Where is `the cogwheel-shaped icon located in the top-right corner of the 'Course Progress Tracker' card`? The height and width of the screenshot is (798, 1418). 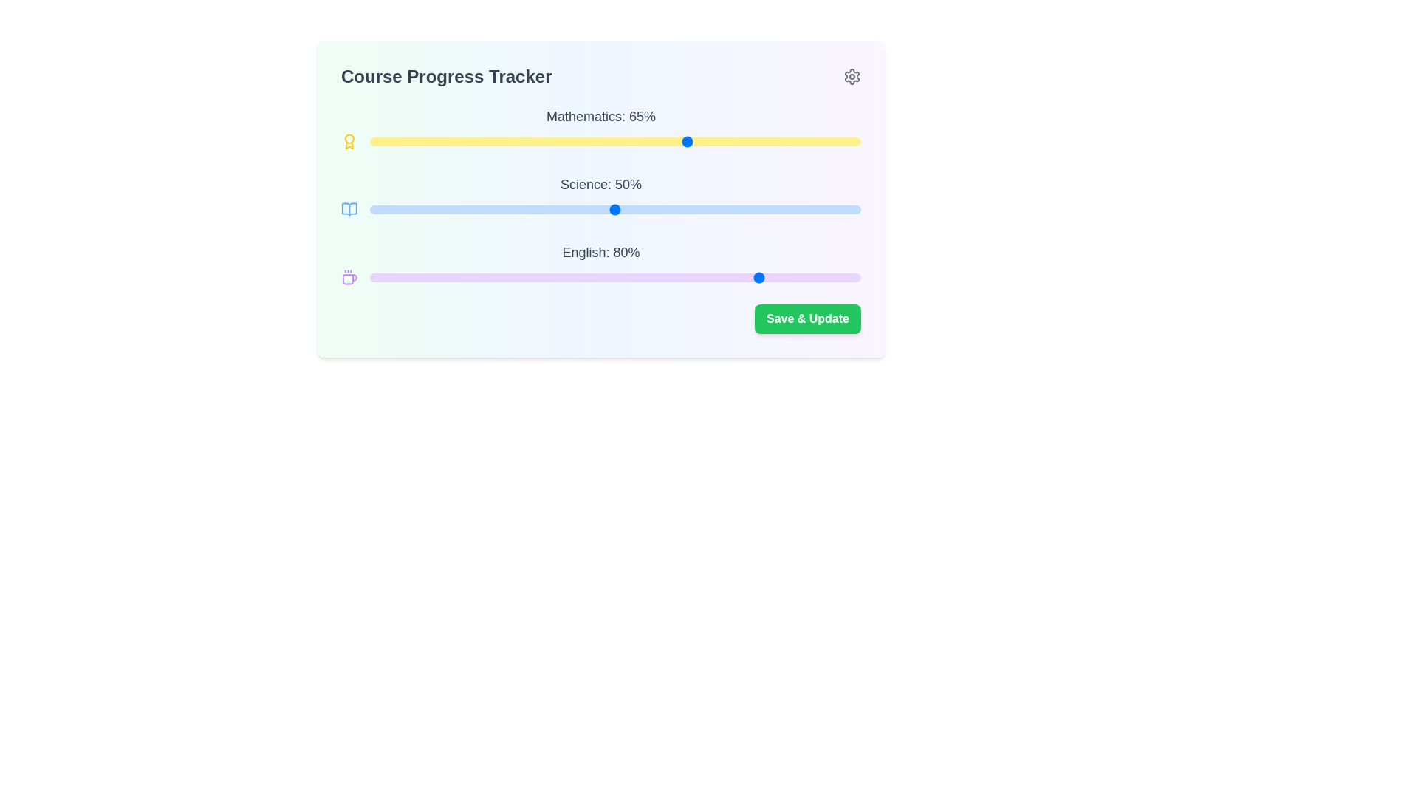
the cogwheel-shaped icon located in the top-right corner of the 'Course Progress Tracker' card is located at coordinates (852, 77).